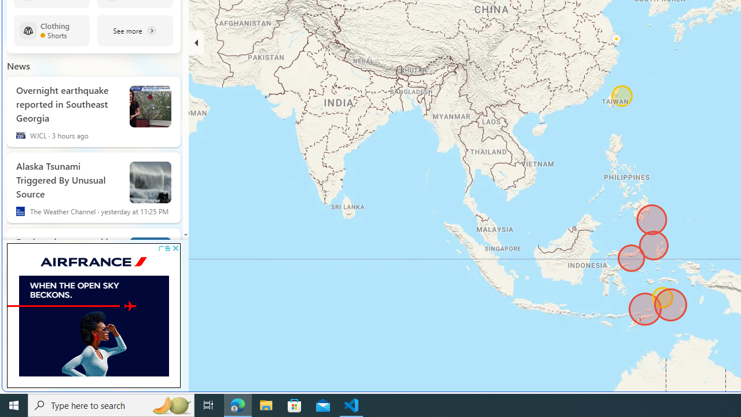  Describe the element at coordinates (185, 391) in the screenshot. I see `'Ad'` at that location.